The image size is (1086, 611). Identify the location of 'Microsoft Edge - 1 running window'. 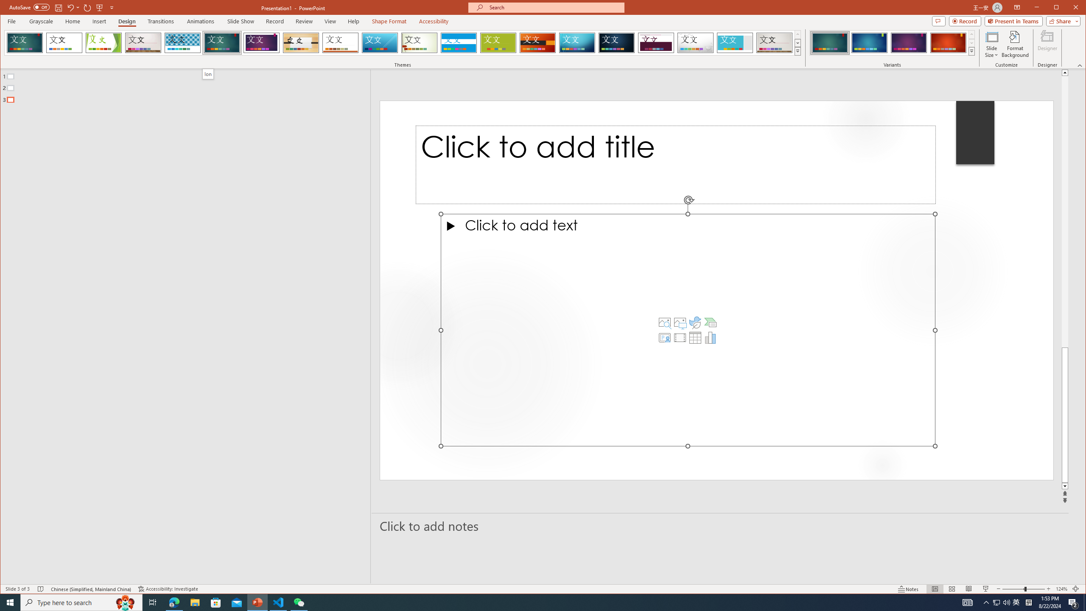
(174, 602).